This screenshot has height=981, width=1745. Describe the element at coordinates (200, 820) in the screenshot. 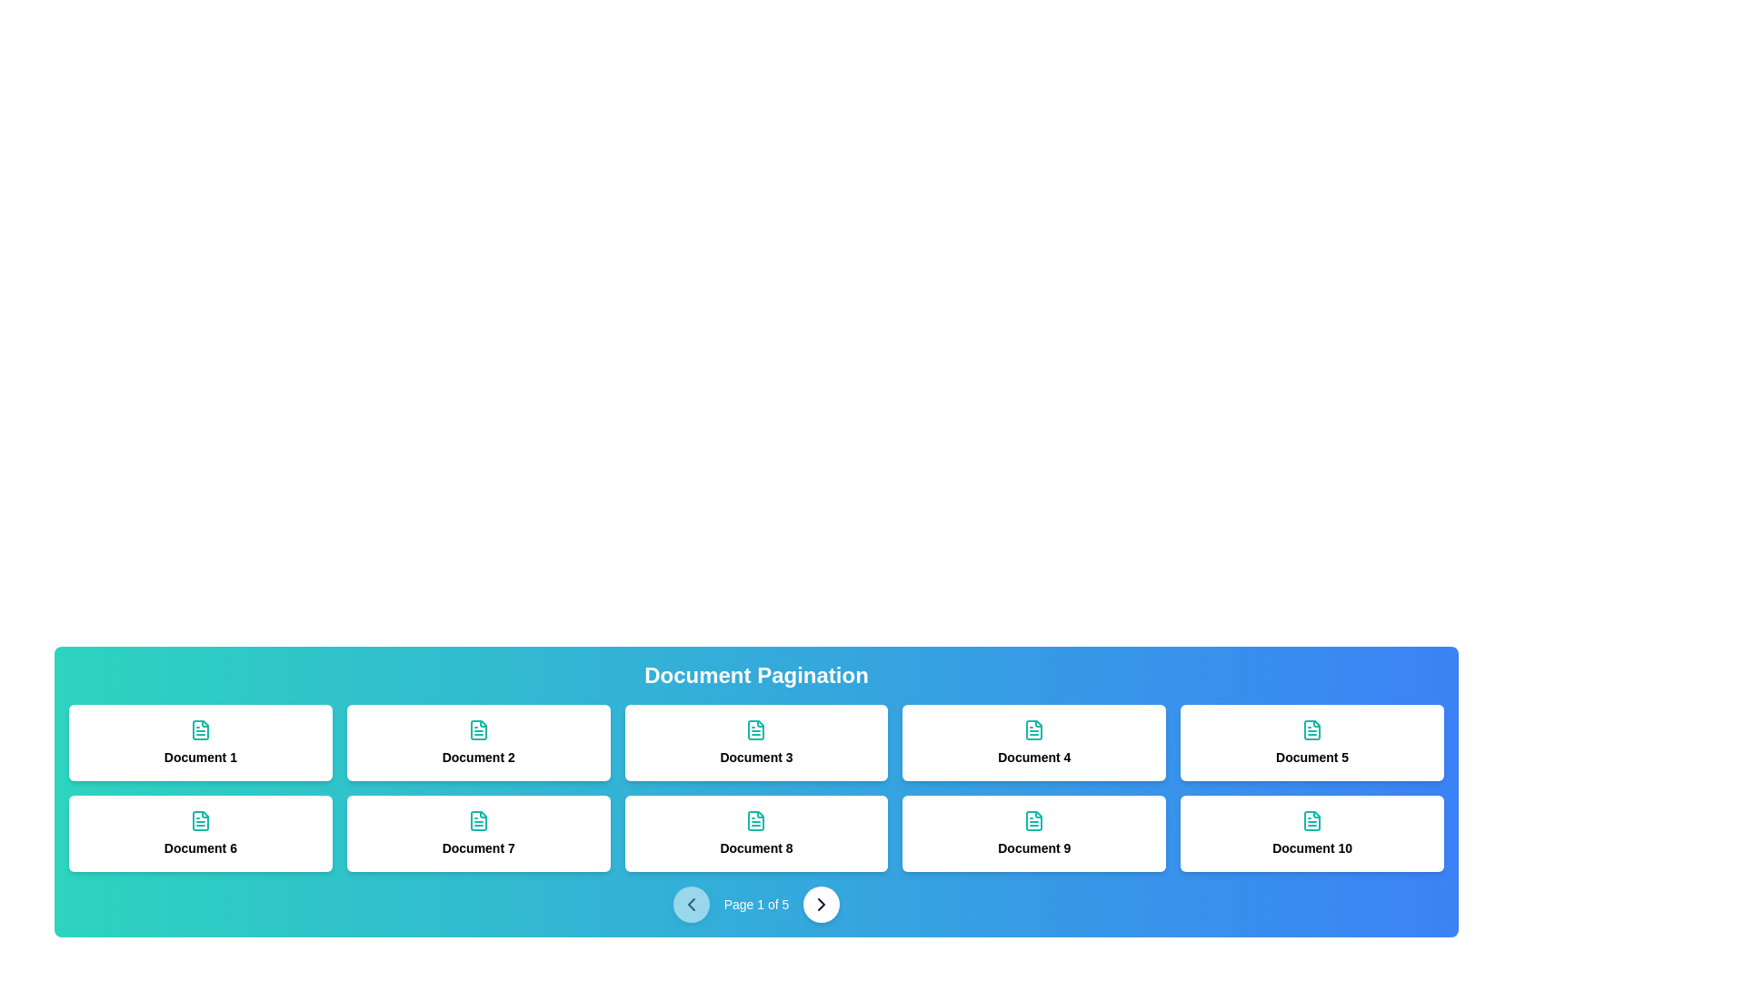

I see `the document icon representing the 'Document 6' card, located at the upper section of the card in the second row, first column of the grid layout` at that location.